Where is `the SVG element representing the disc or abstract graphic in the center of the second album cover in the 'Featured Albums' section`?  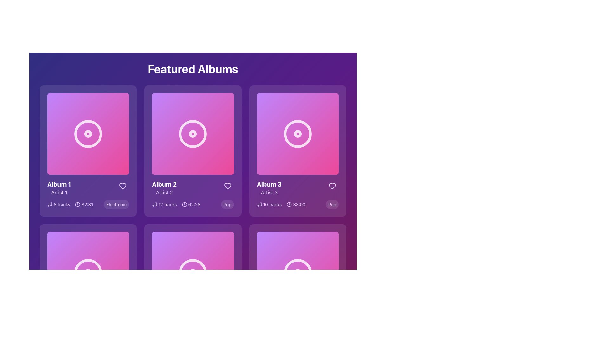
the SVG element representing the disc or abstract graphic in the center of the second album cover in the 'Featured Albums' section is located at coordinates (193, 134).